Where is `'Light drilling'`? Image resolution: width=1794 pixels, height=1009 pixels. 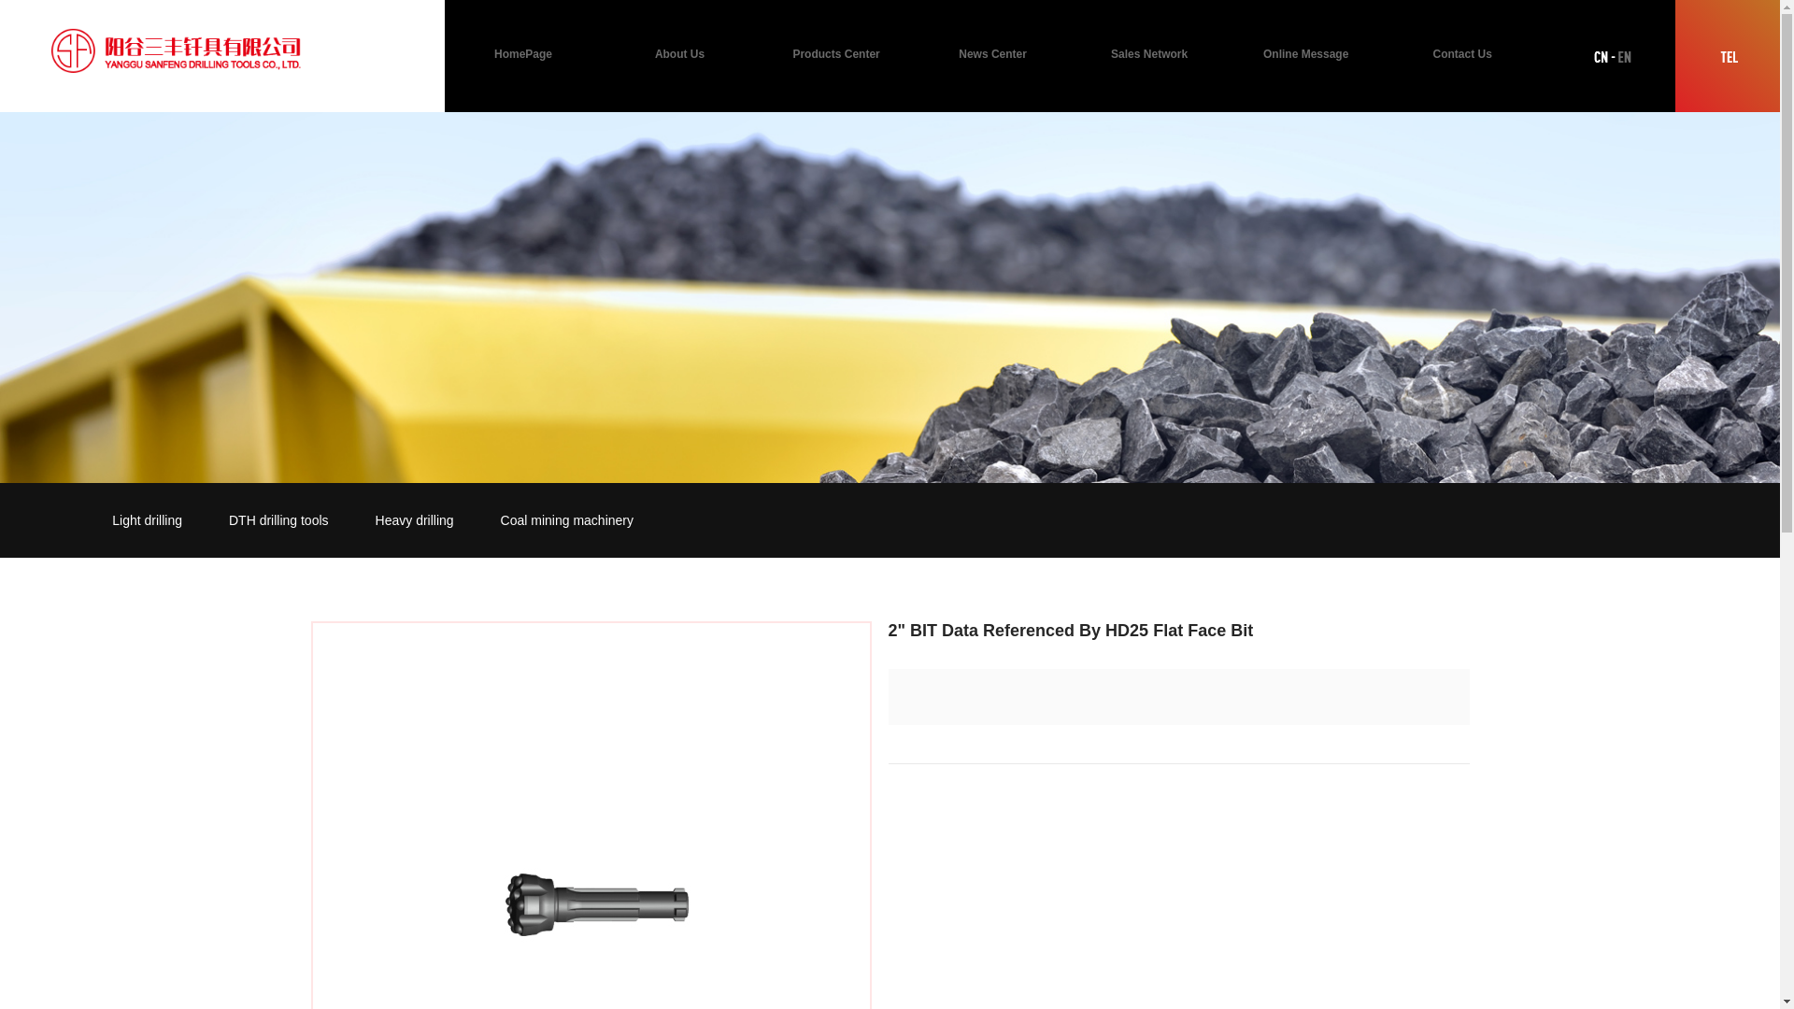
'Light drilling' is located at coordinates (146, 519).